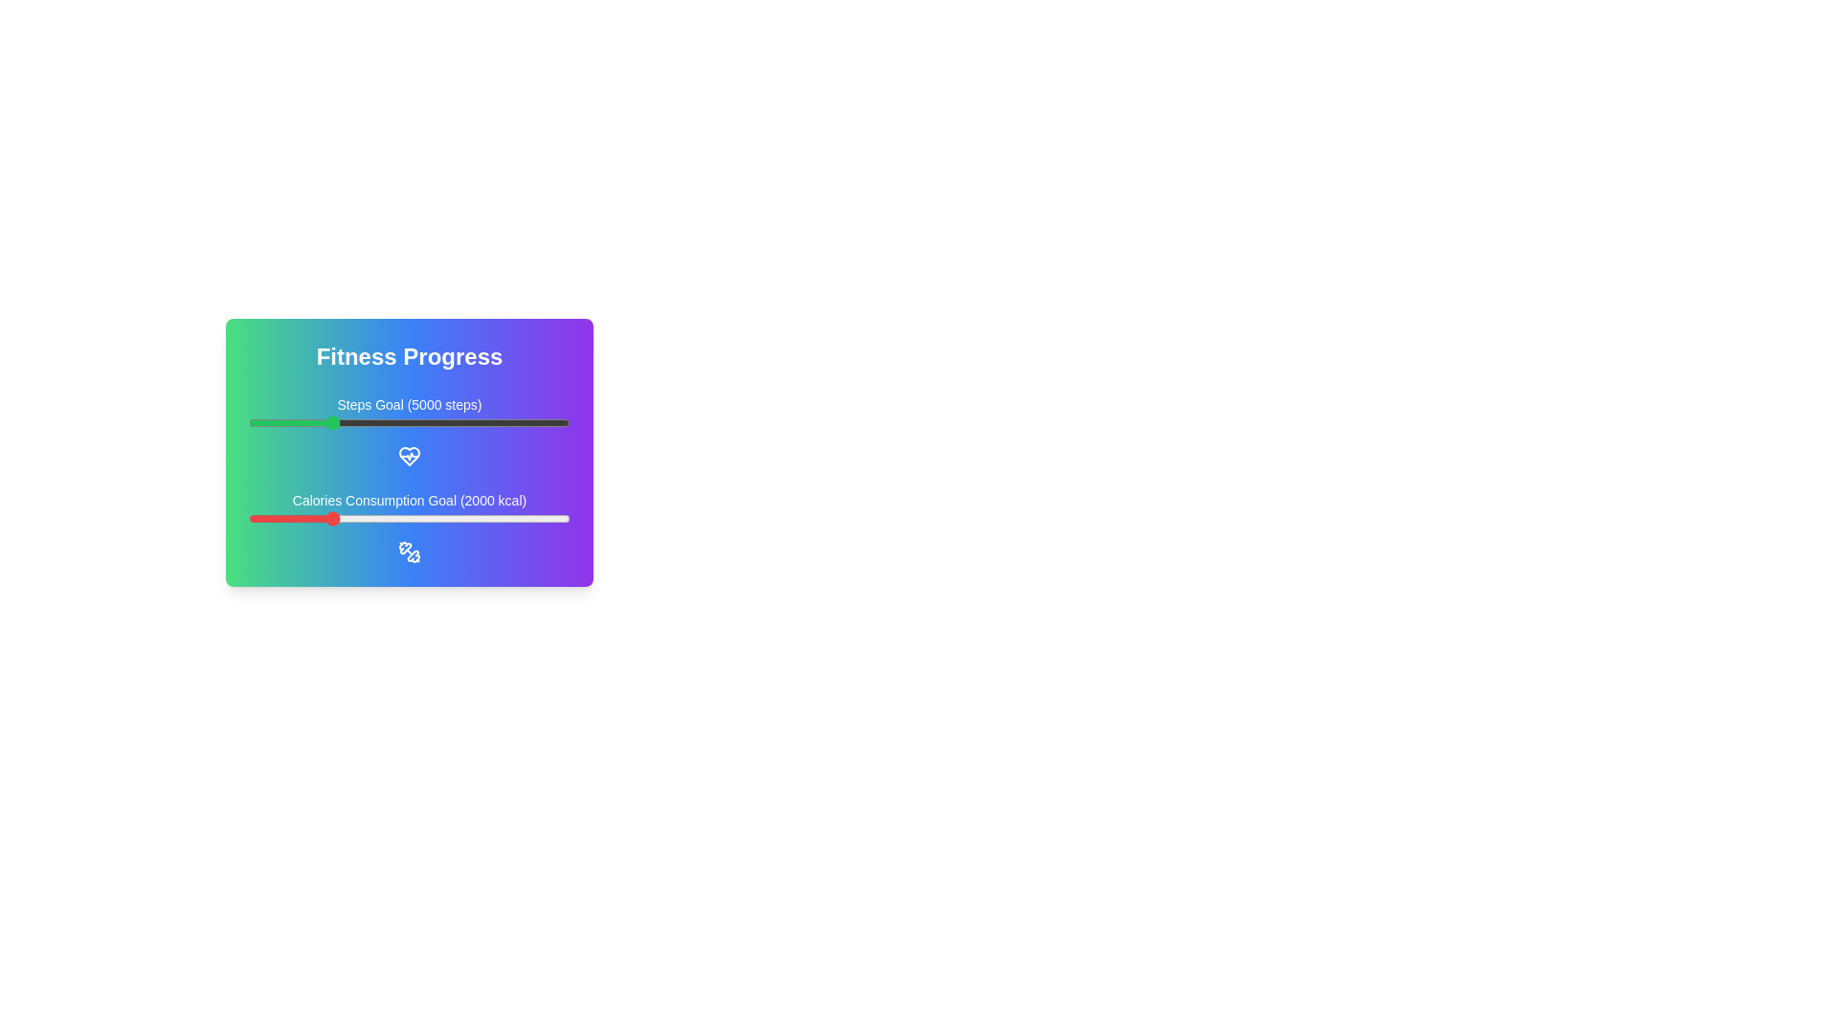  What do you see at coordinates (303, 422) in the screenshot?
I see `the steps goal` at bounding box center [303, 422].